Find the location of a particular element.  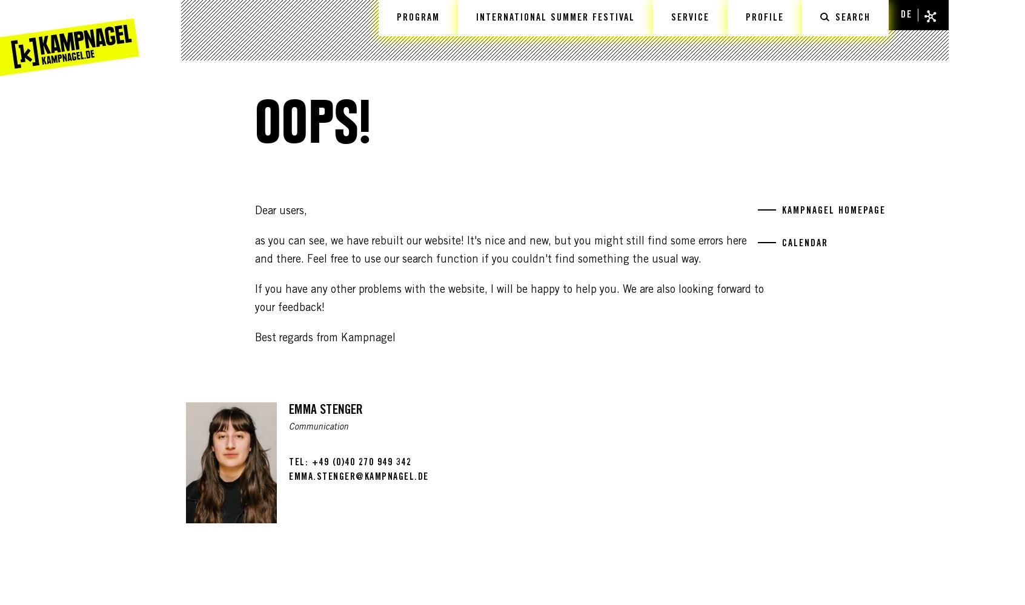

'If you have any other problems with the website, I will be happy to help you. We are also looking forward to your feedback!' is located at coordinates (509, 299).